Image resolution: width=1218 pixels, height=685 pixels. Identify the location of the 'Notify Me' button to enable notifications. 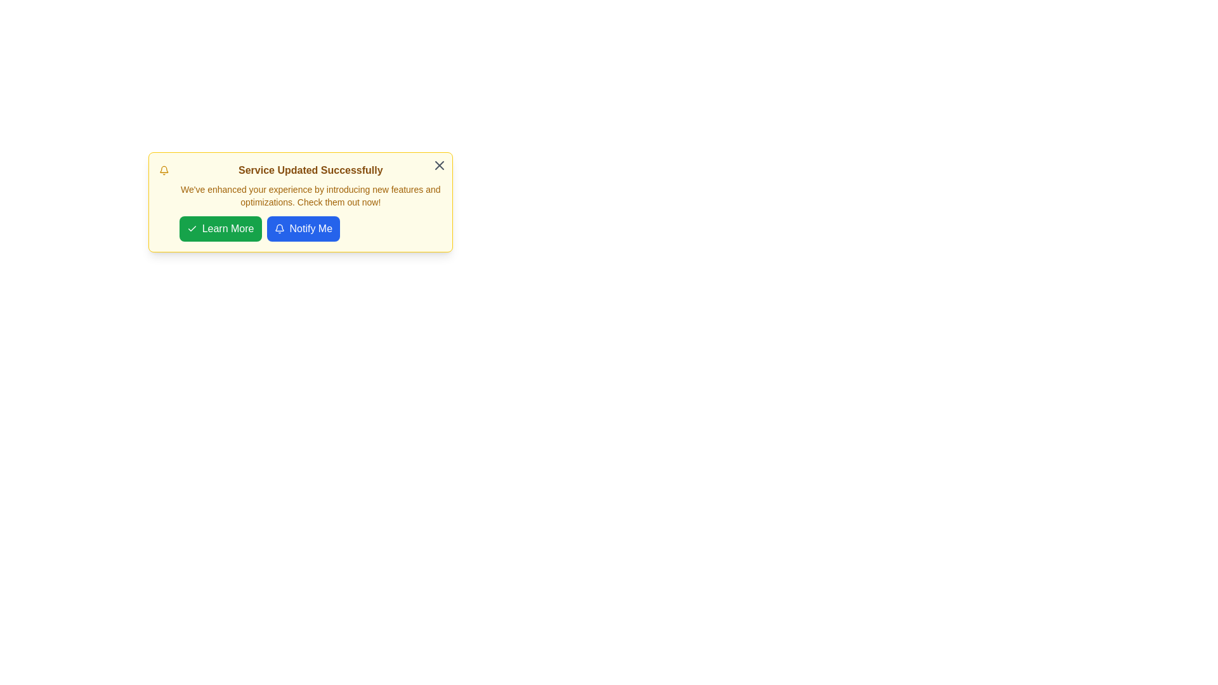
(303, 229).